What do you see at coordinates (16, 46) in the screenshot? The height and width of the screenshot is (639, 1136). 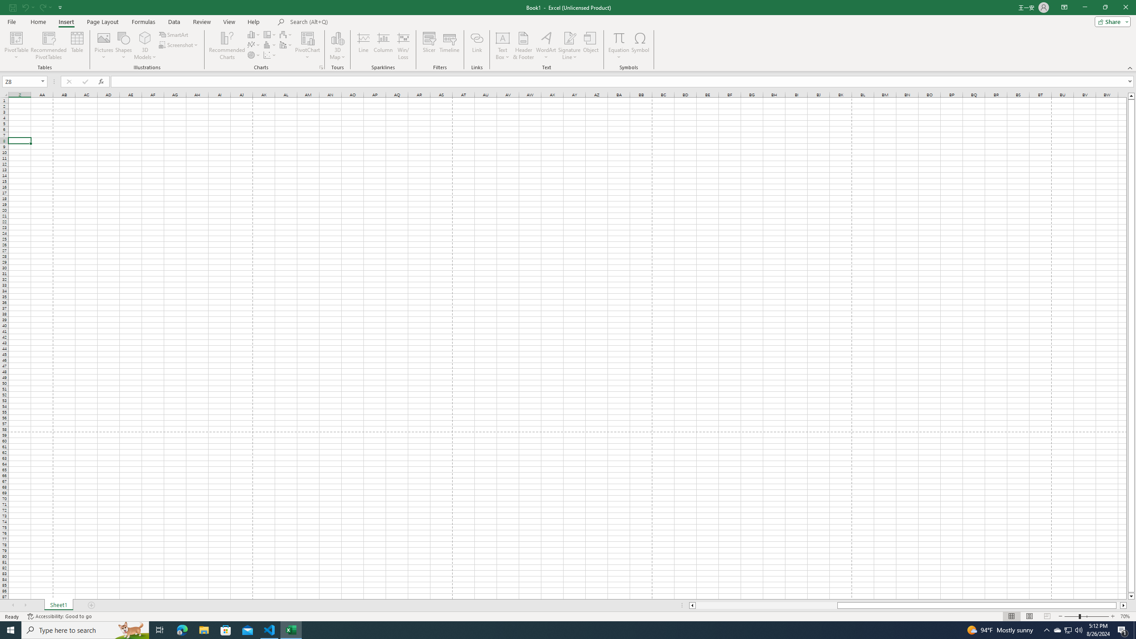 I see `'PivotTable'` at bounding box center [16, 46].